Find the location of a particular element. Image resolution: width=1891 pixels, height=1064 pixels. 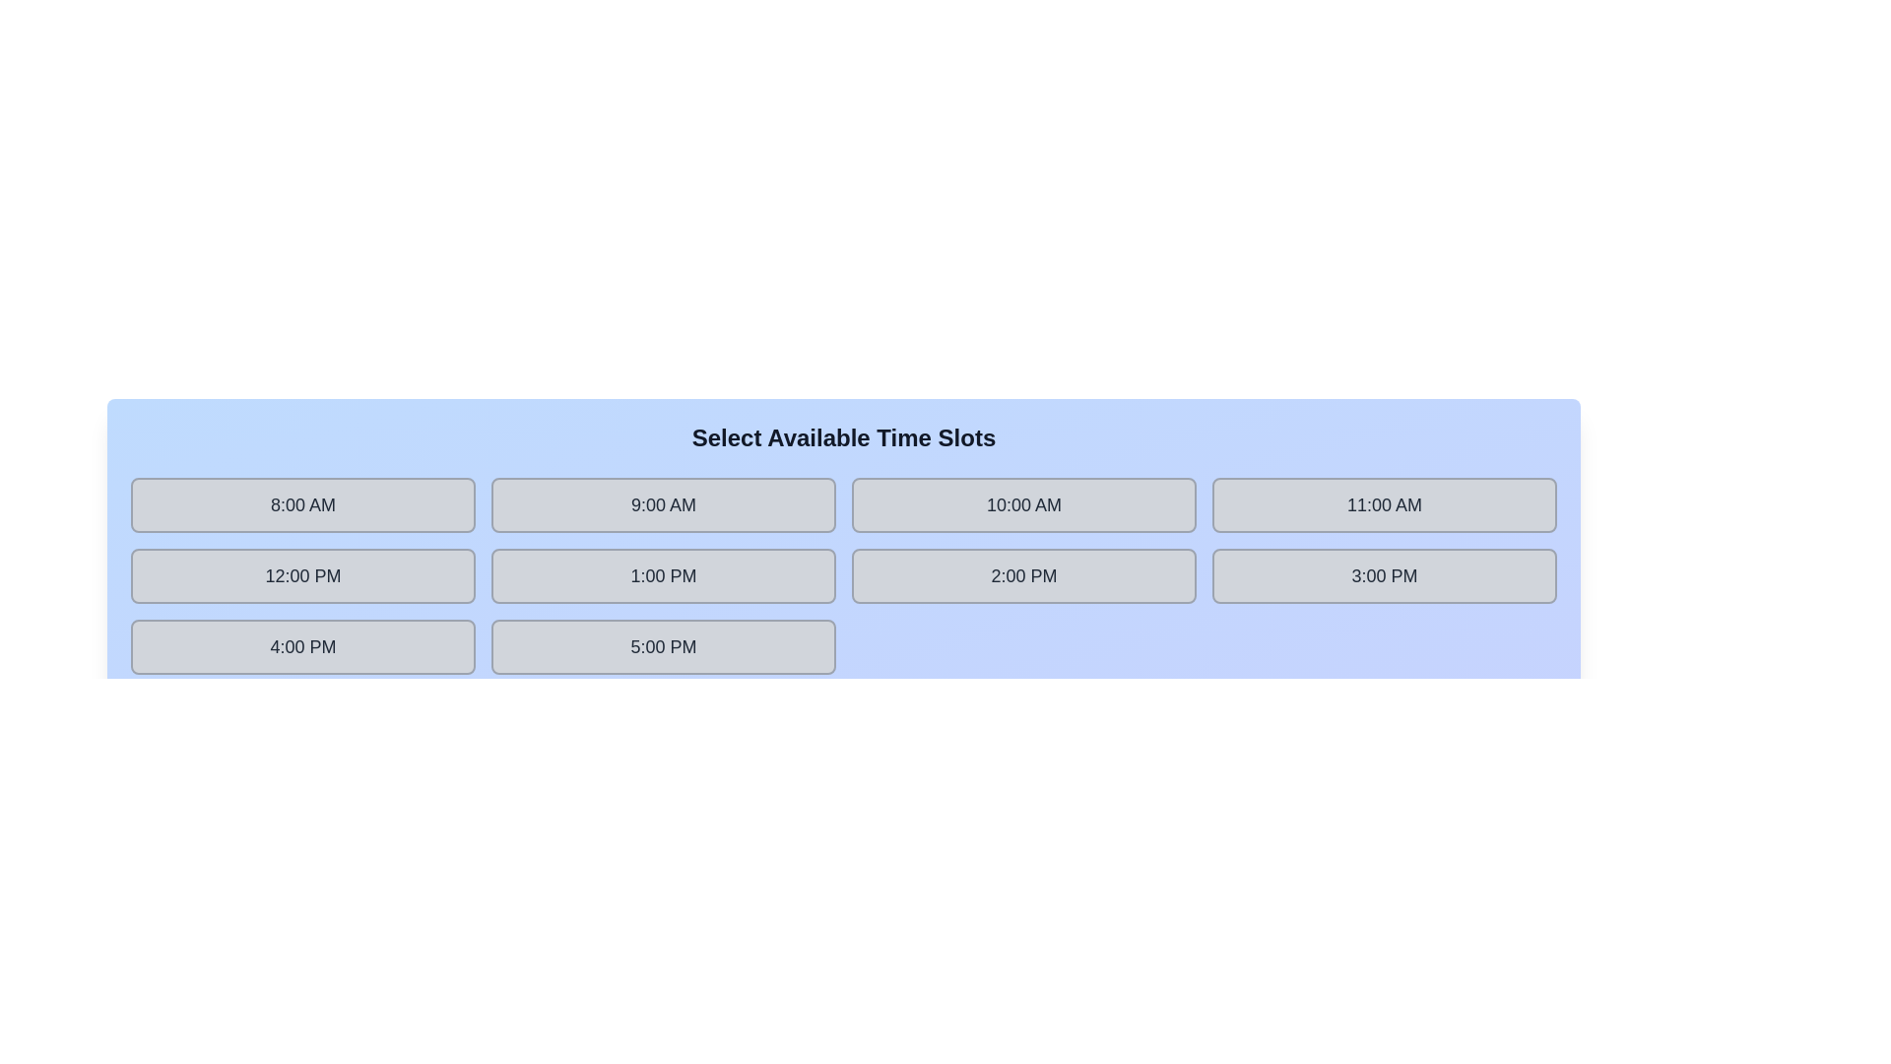

the time slot labeled 8:00 AM is located at coordinates (301, 504).